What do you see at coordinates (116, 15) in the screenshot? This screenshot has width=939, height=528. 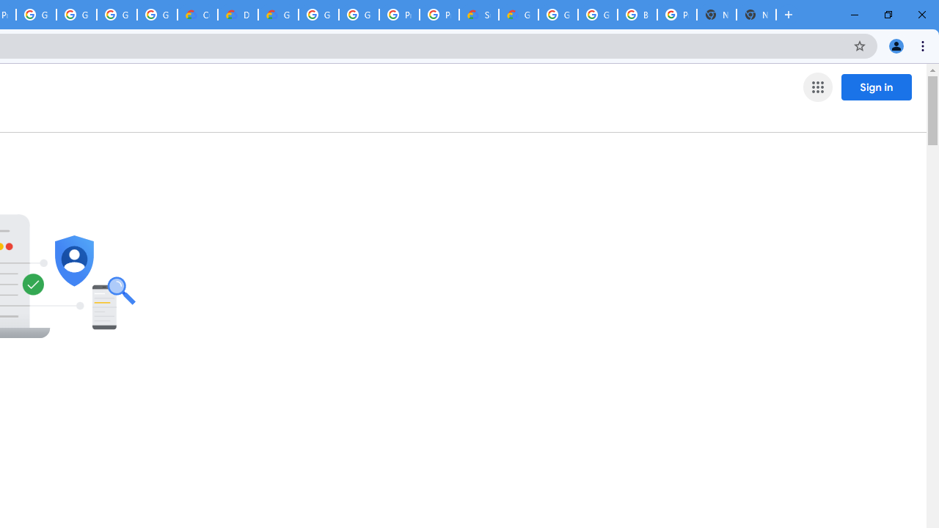 I see `'Google Workspace - Specific Terms'` at bounding box center [116, 15].